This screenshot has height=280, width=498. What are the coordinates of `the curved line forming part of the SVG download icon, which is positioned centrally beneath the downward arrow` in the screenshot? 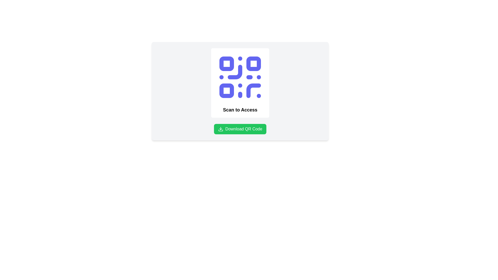 It's located at (220, 130).